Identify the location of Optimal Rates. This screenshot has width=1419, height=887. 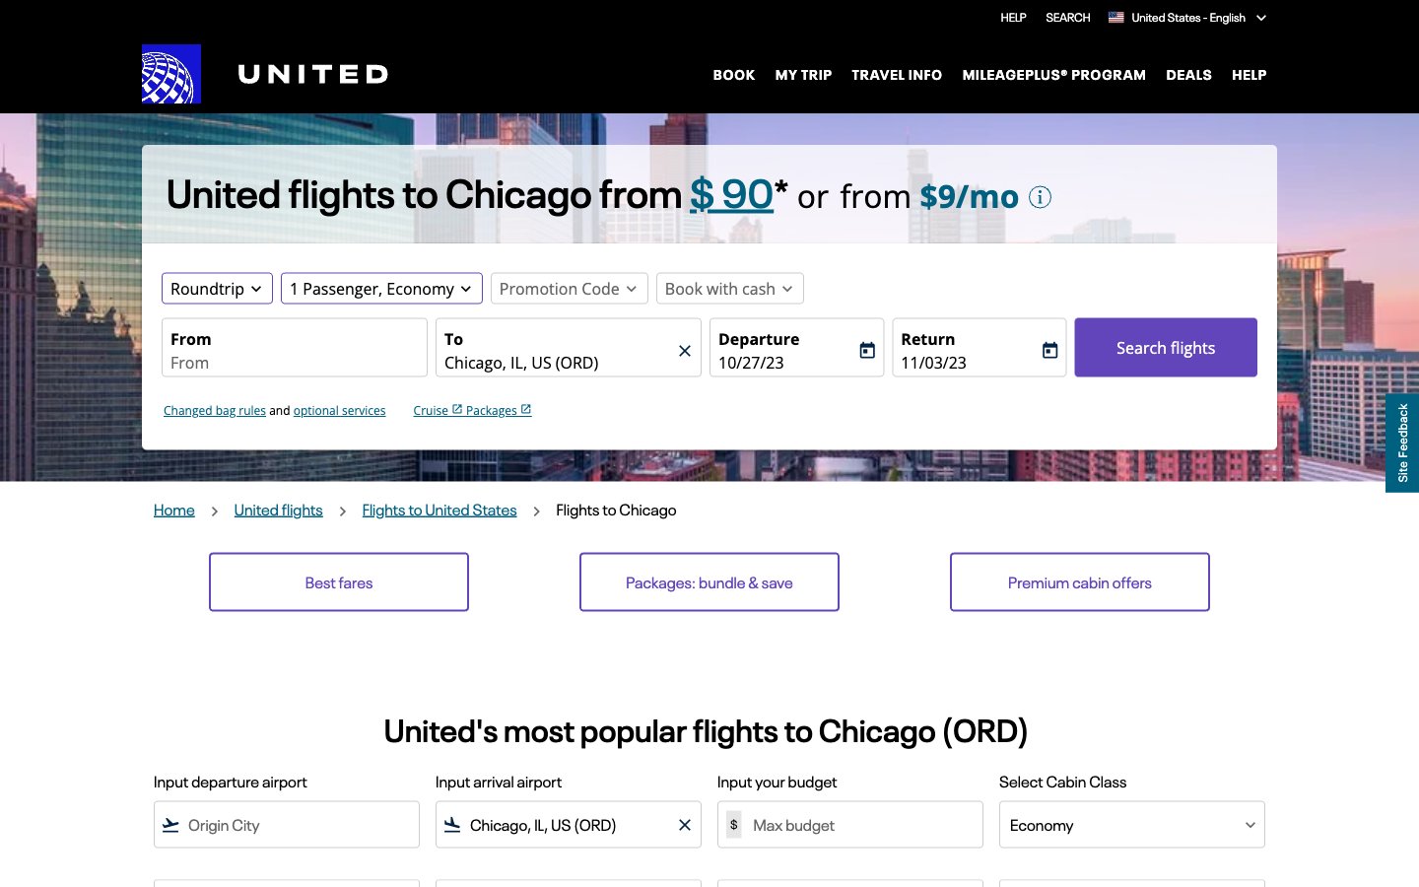
(339, 581).